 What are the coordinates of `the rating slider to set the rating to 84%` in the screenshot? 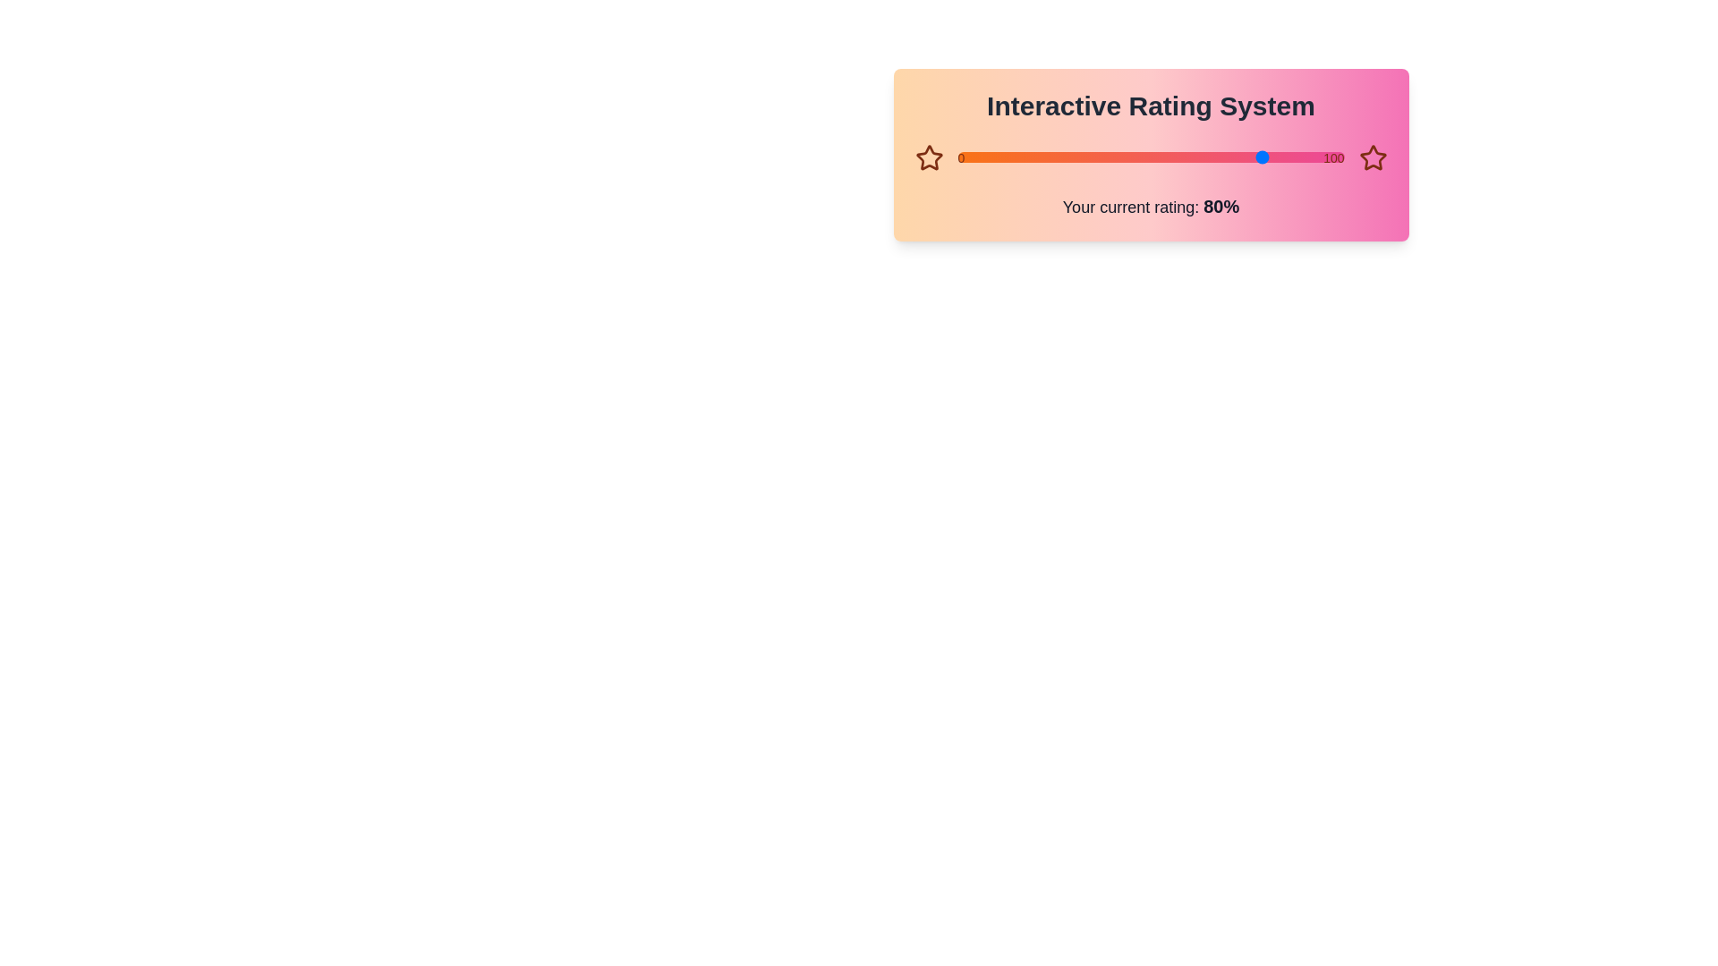 It's located at (1281, 157).